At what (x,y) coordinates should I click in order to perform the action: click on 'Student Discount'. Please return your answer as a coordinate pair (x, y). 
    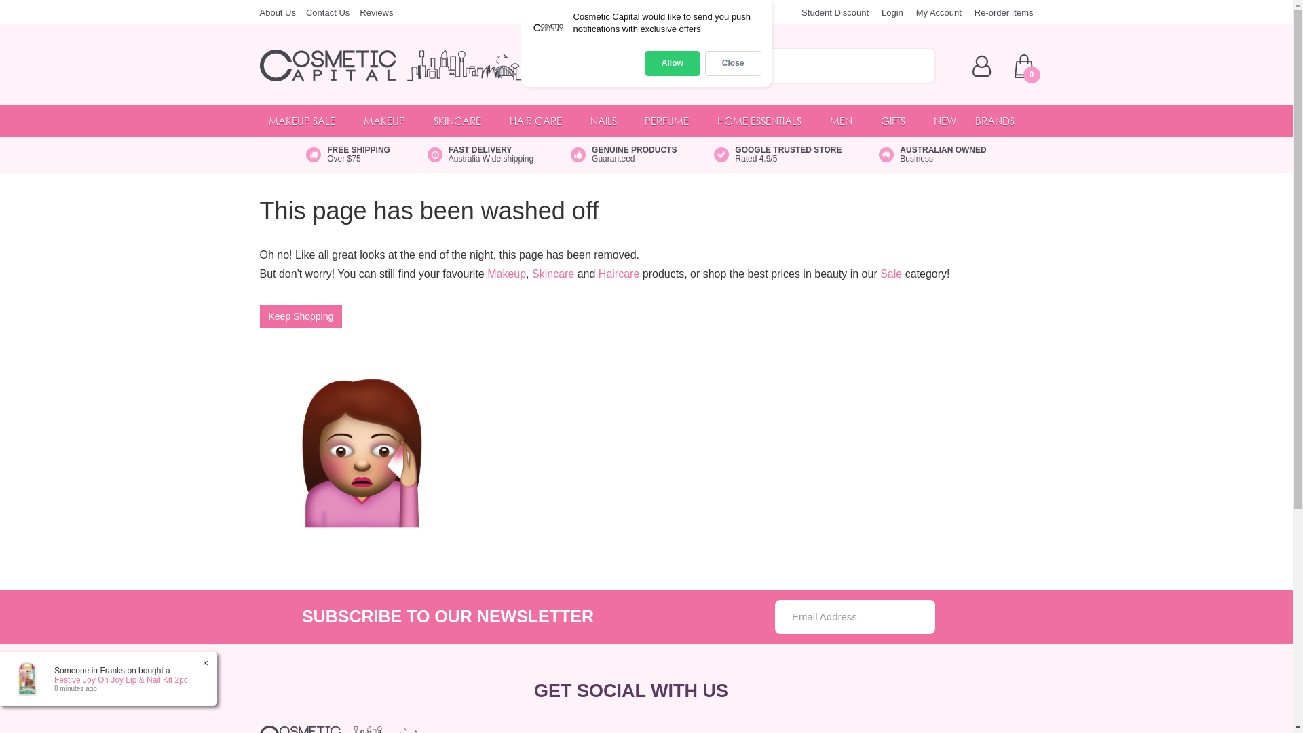
    Looking at the image, I should click on (801, 12).